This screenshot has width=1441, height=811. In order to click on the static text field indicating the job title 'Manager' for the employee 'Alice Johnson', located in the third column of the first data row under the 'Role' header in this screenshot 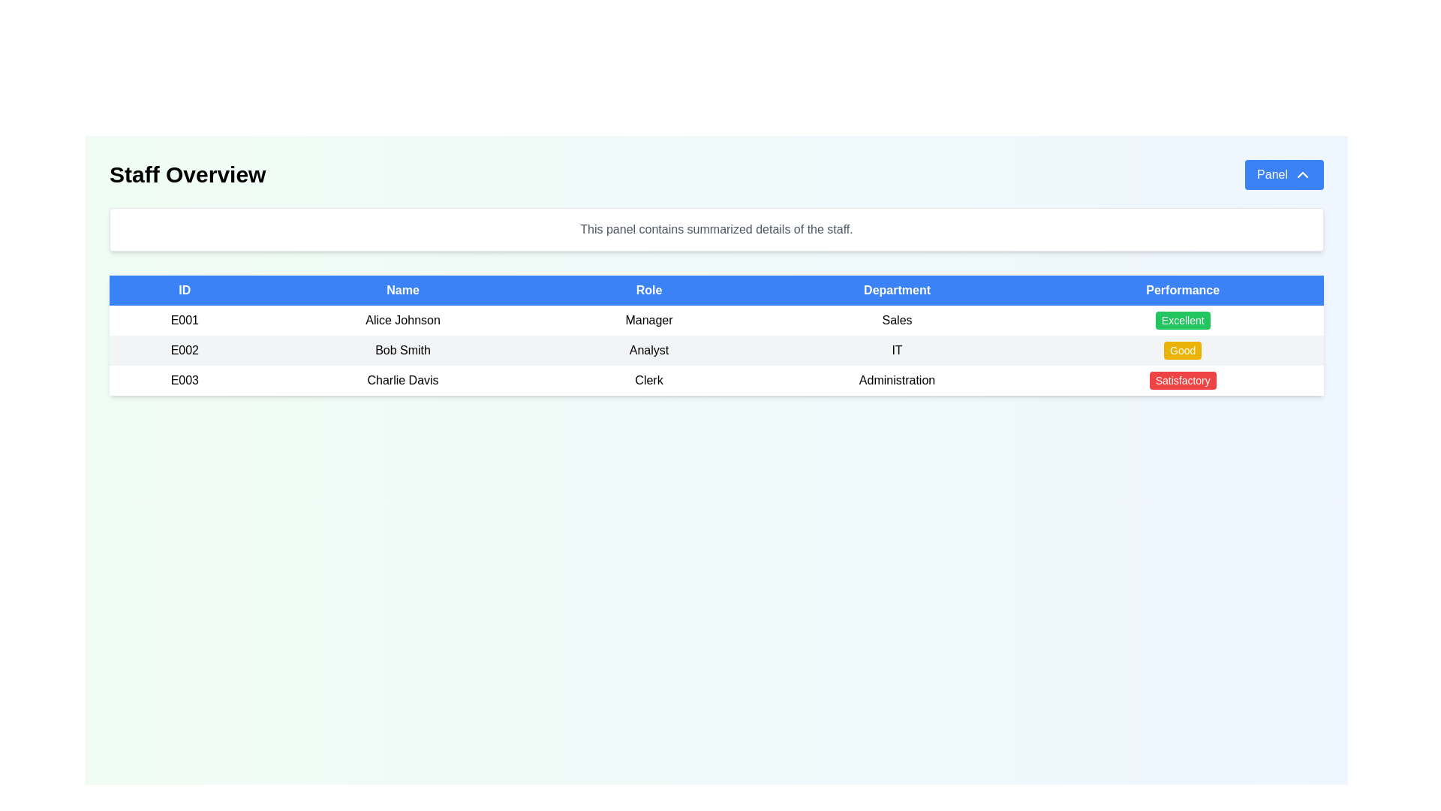, I will do `click(648, 320)`.